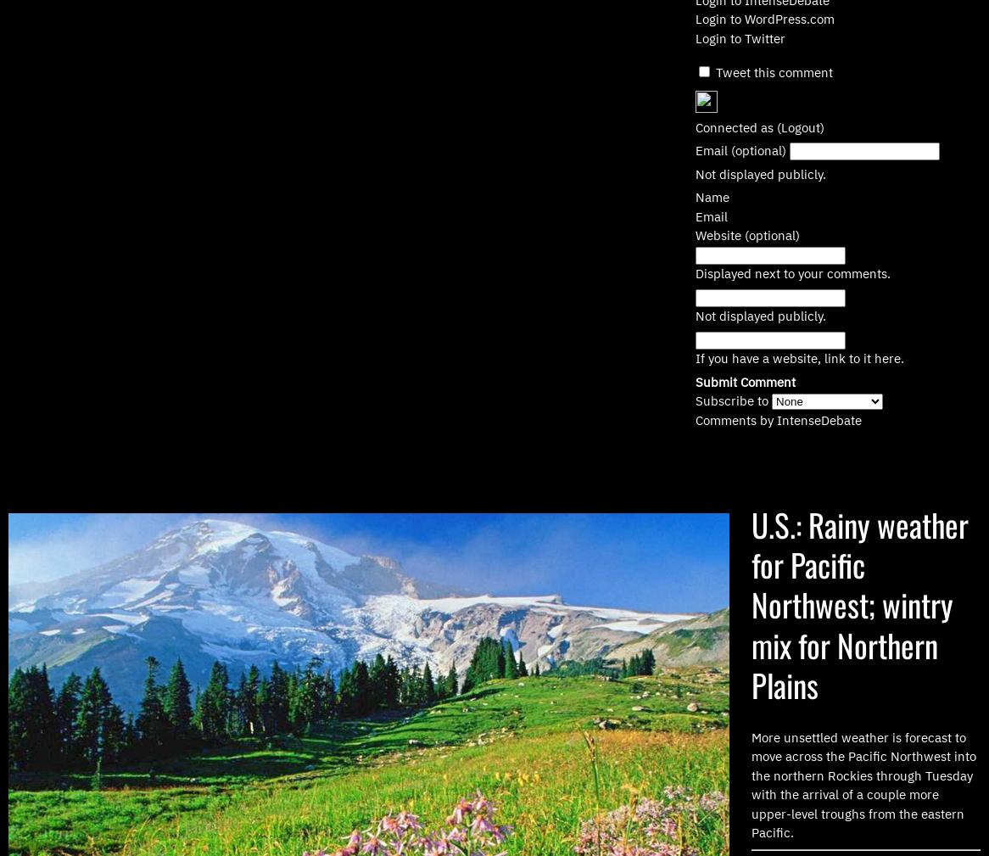 This screenshot has height=856, width=989. What do you see at coordinates (778, 126) in the screenshot?
I see `'('` at bounding box center [778, 126].